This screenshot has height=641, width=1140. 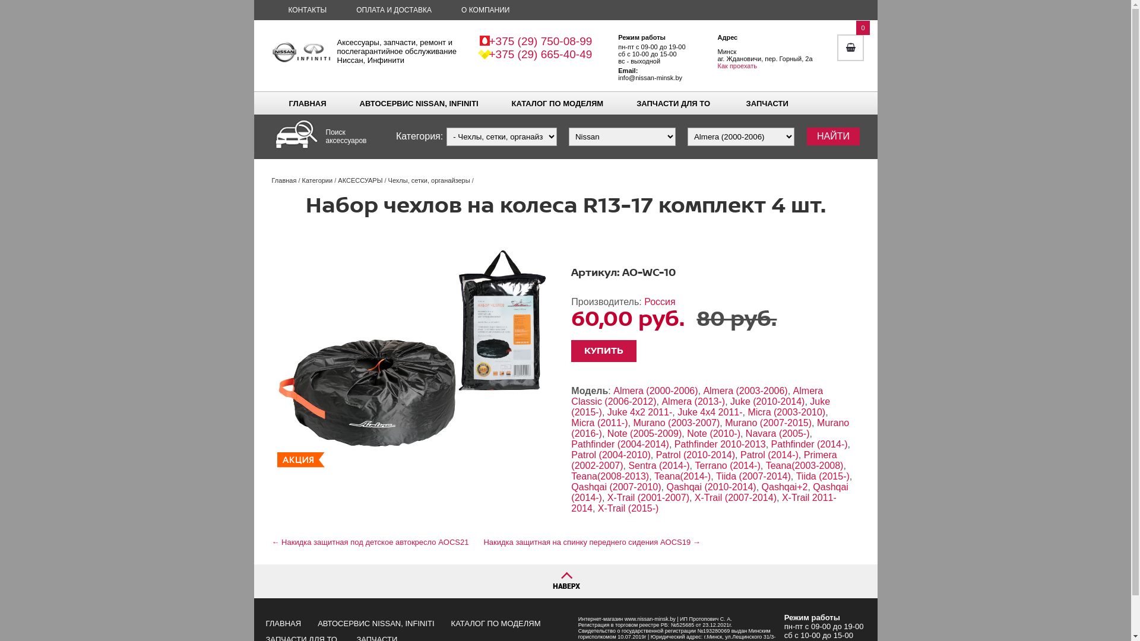 I want to click on 'X-Trail (2001-2007)', so click(x=648, y=497).